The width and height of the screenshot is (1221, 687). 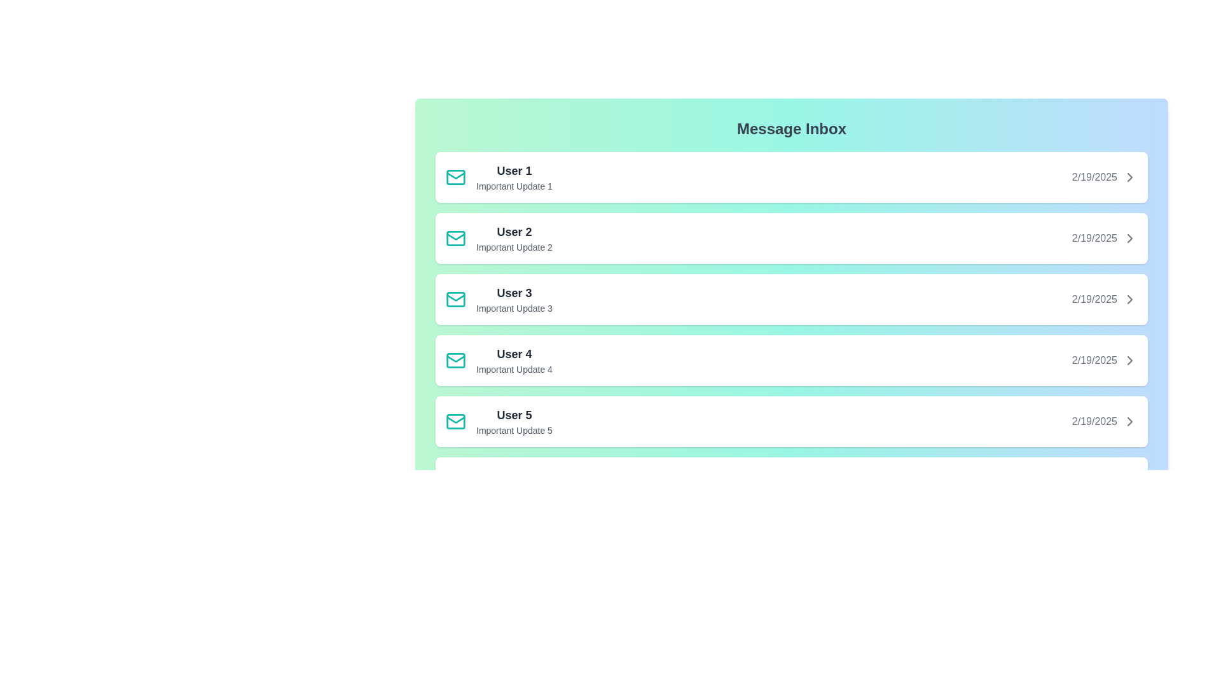 I want to click on the message corresponding to User 4, so click(x=790, y=361).